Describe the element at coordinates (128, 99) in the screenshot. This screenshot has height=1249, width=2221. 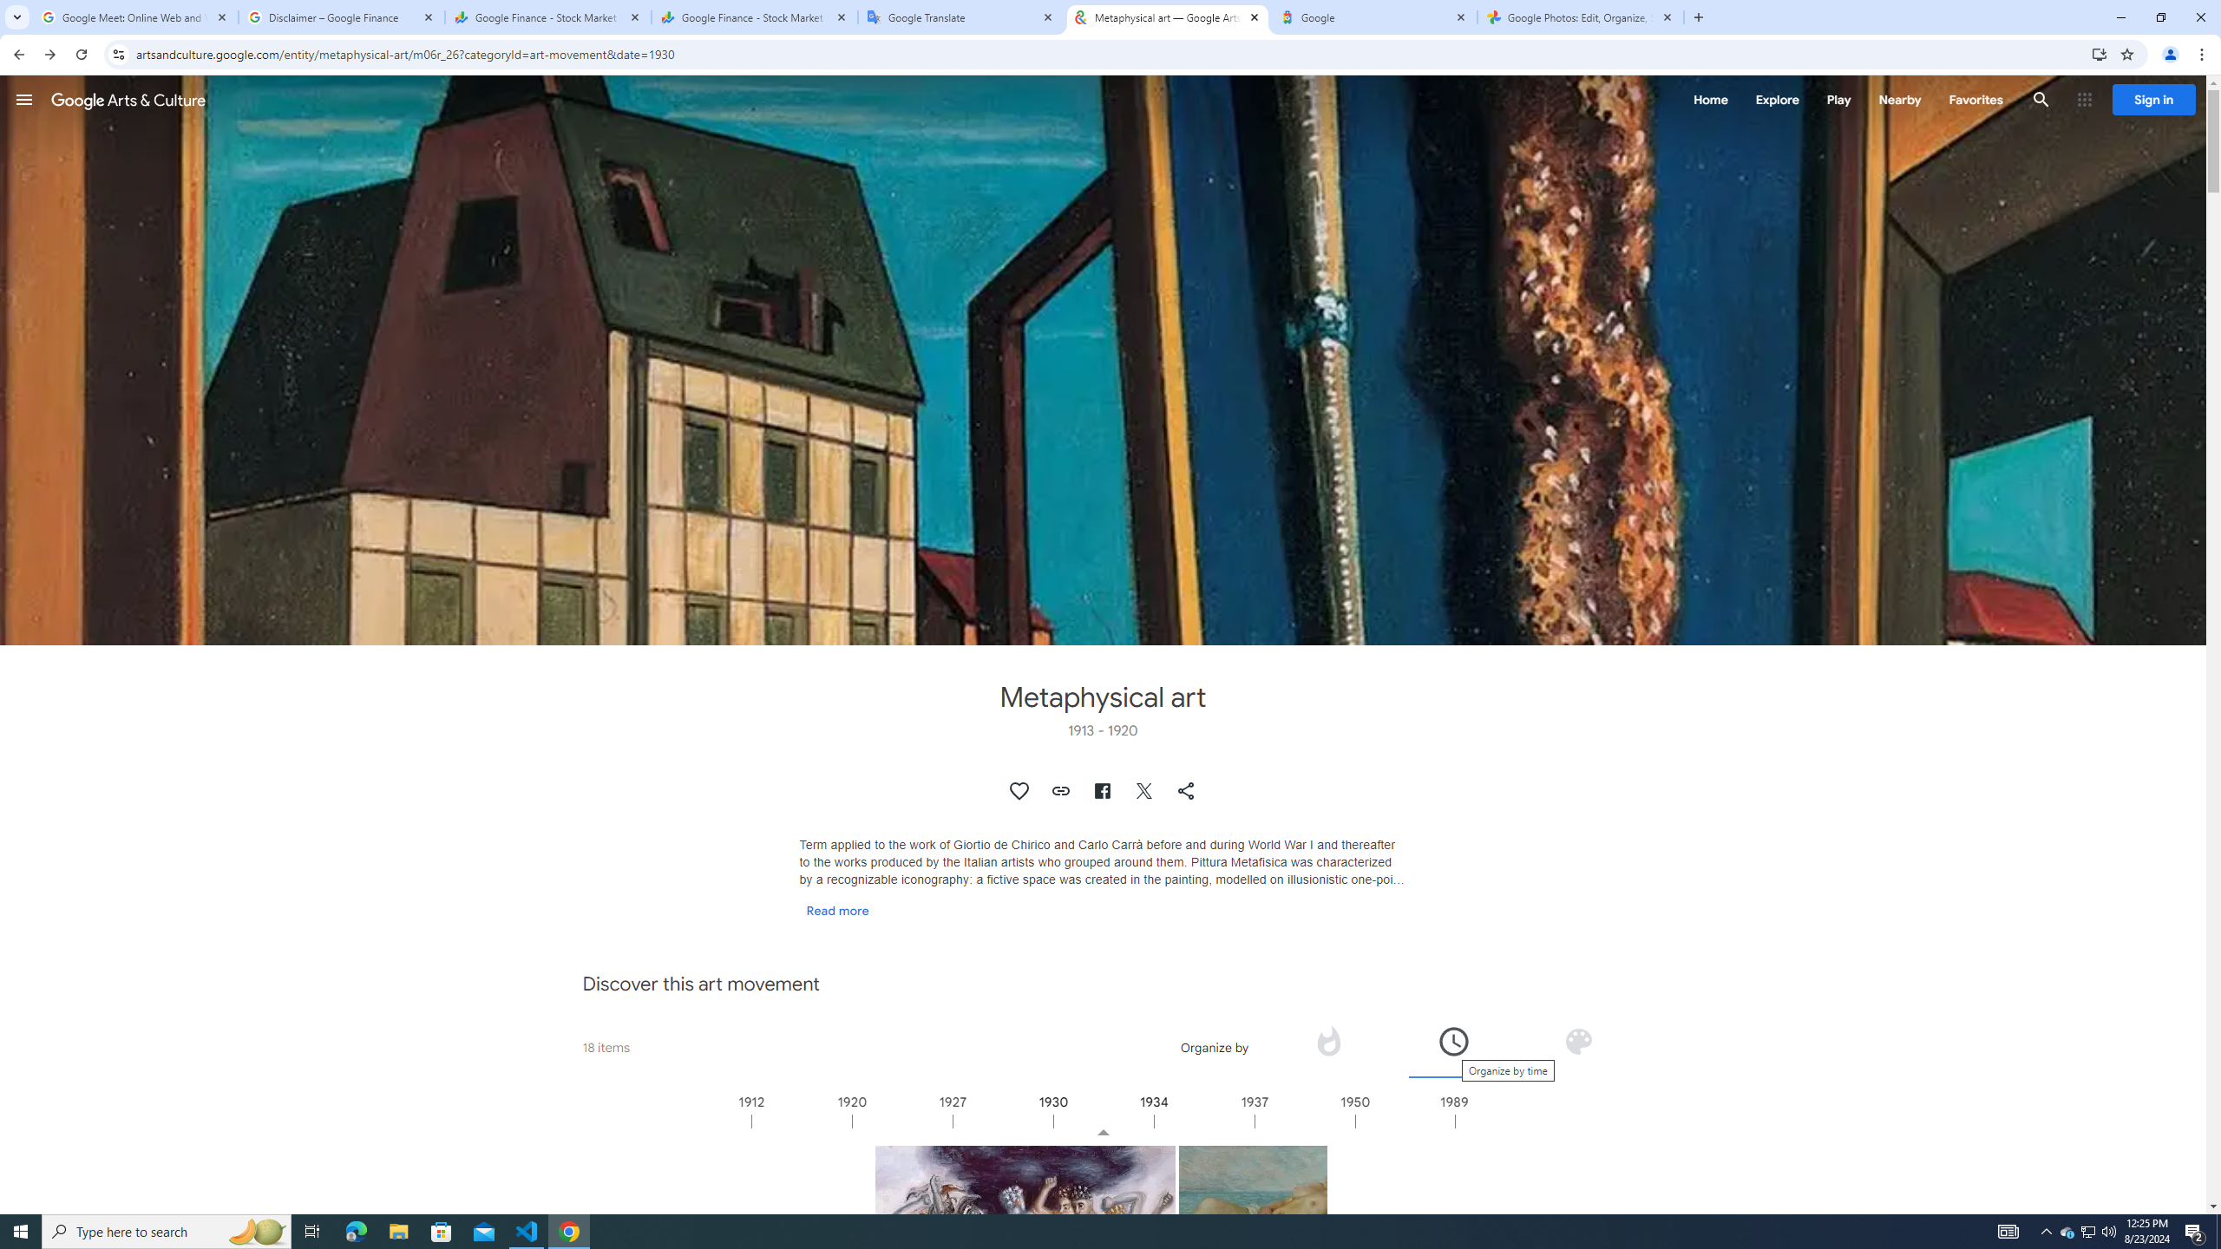
I see `'Google Arts & Culture'` at that location.